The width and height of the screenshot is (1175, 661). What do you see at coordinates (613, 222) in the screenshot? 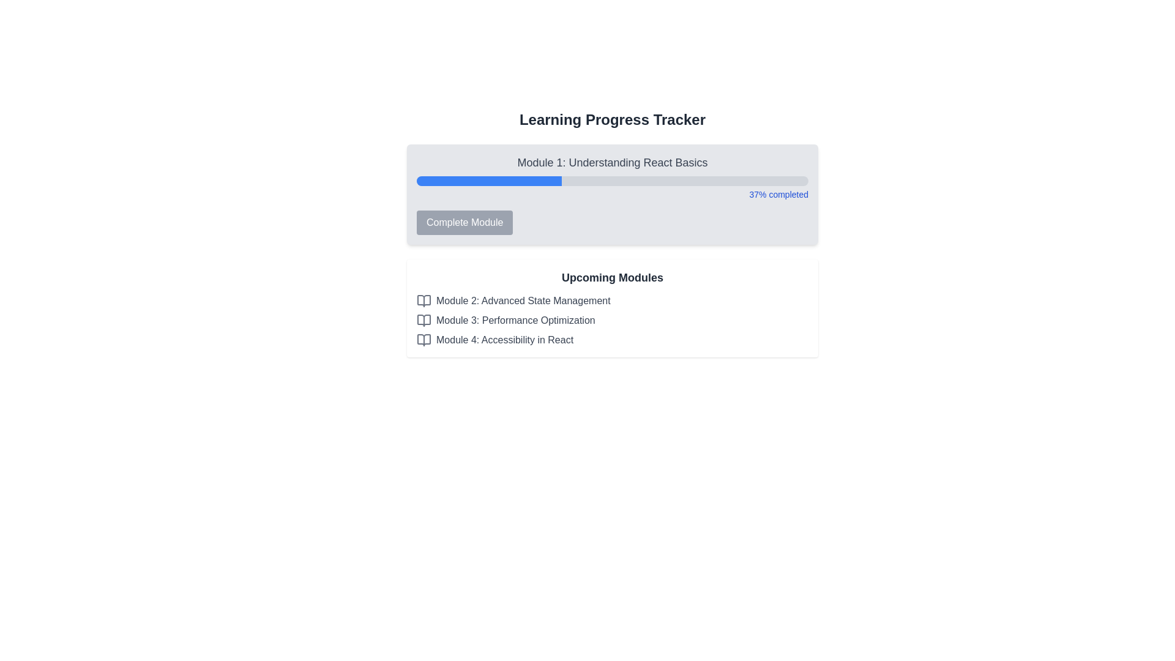
I see `the button labeled 'Complete Module' located at the bottom of 'Module 1: Understanding React Basics'` at bounding box center [613, 222].